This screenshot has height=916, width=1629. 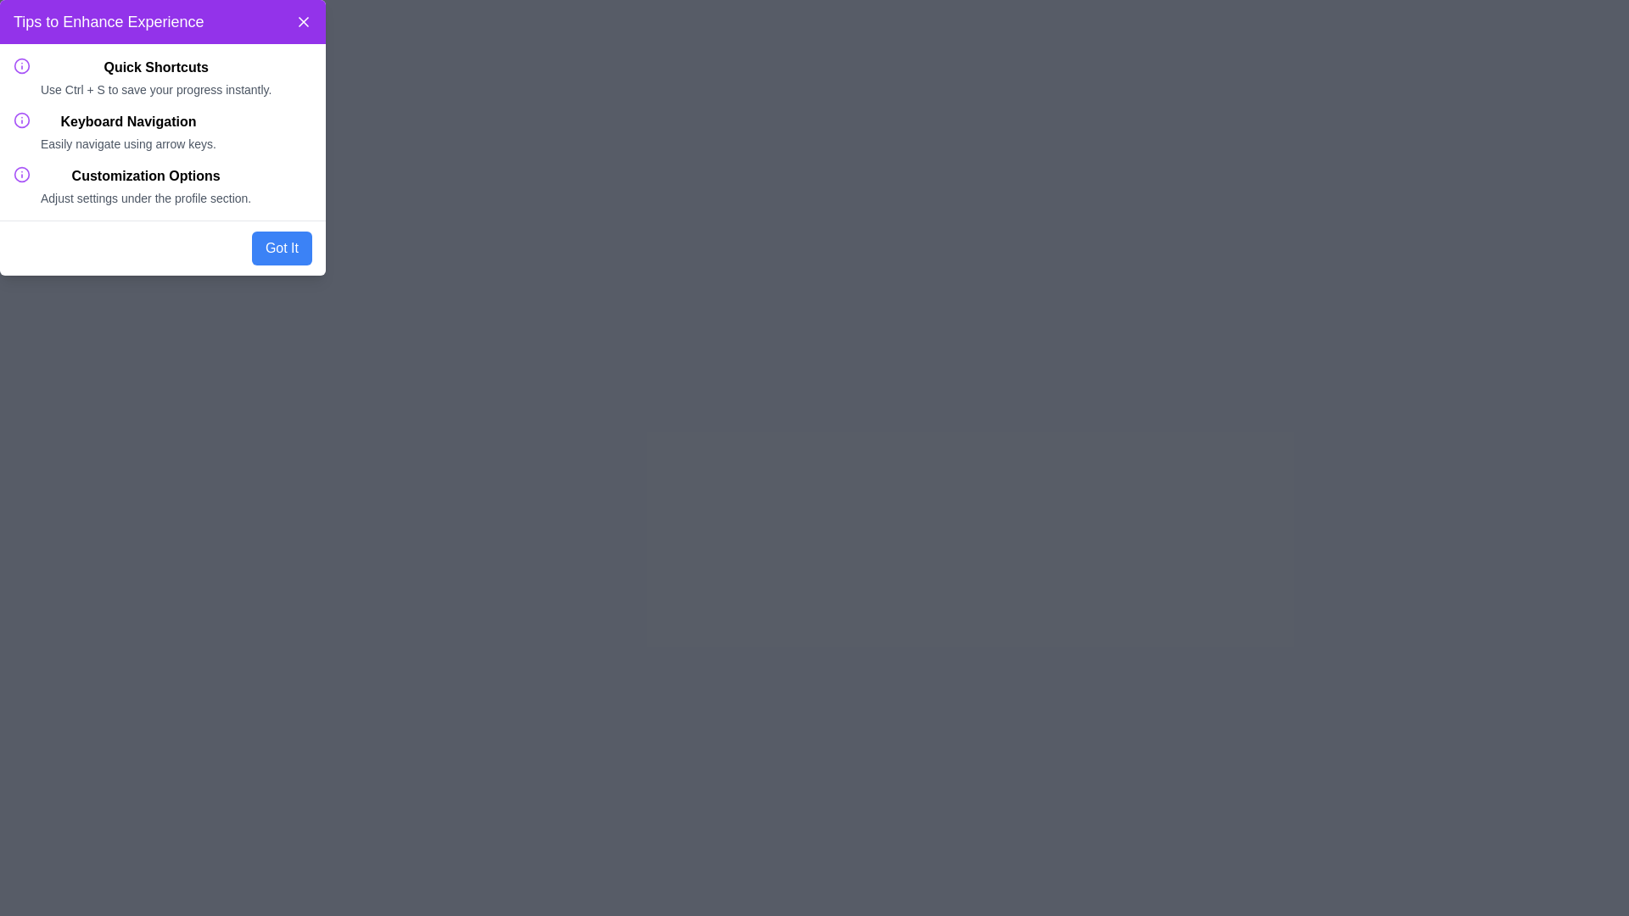 I want to click on the second heading in the purple modal dialog titled 'Tips to Enhance Experience', which is located above the description 'Easily navigate using arrow keys.' and below the heading 'Quick Shortcuts', so click(x=127, y=120).